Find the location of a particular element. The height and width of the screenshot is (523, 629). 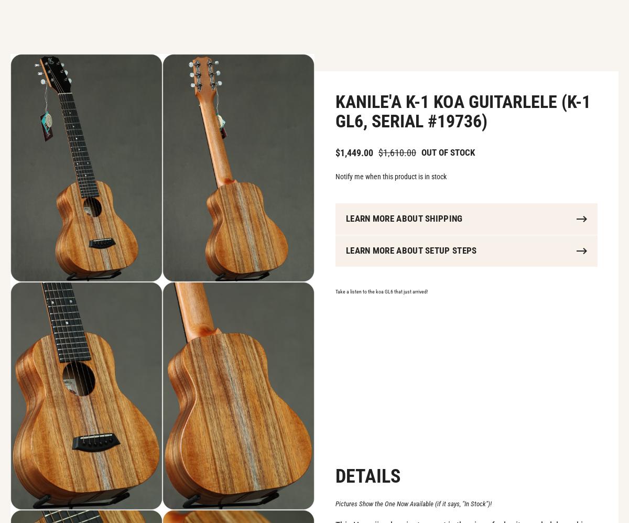

'About' is located at coordinates (358, 26).